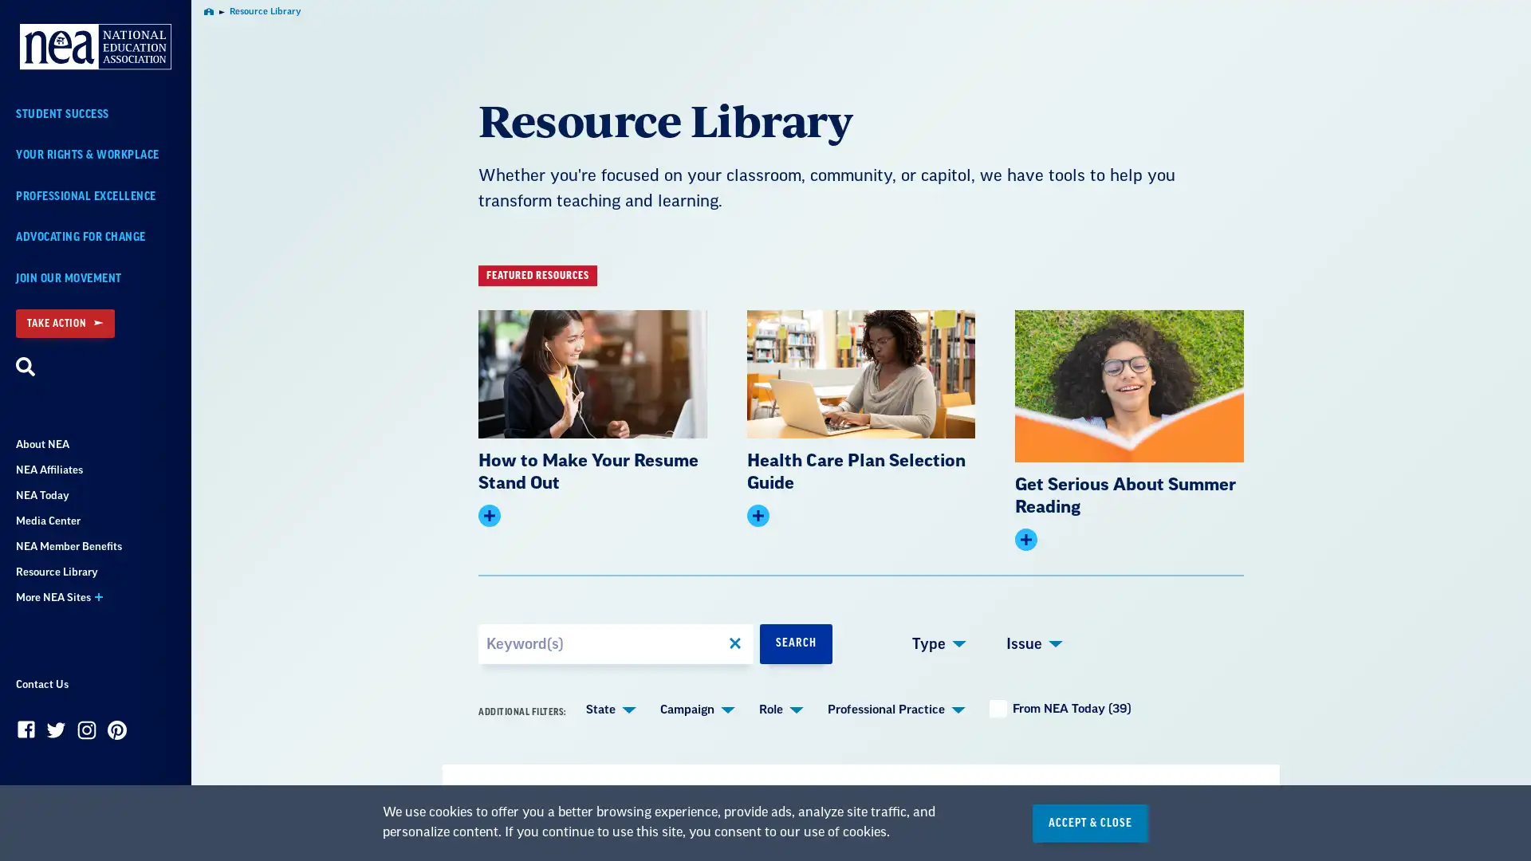 The image size is (1531, 861). Describe the element at coordinates (686, 804) in the screenshot. I see `Magazine Remove filter` at that location.